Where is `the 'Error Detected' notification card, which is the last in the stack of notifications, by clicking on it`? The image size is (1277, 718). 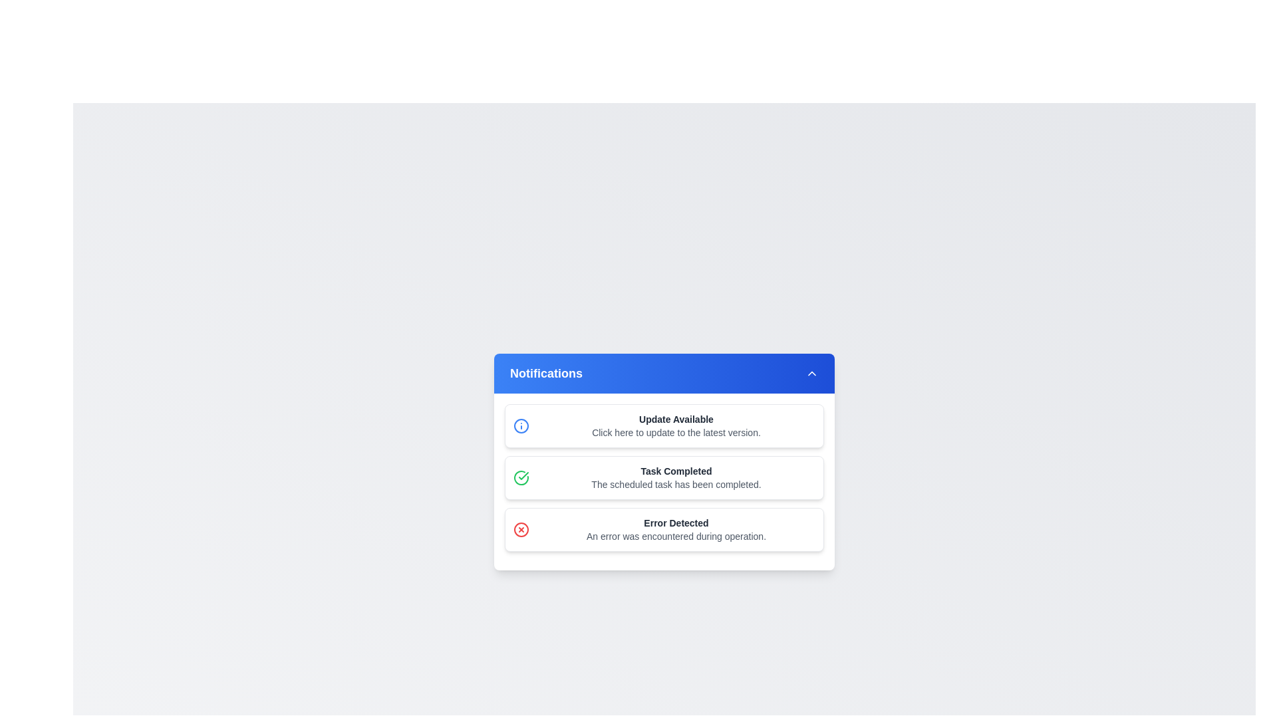
the 'Error Detected' notification card, which is the last in the stack of notifications, by clicking on it is located at coordinates (676, 529).